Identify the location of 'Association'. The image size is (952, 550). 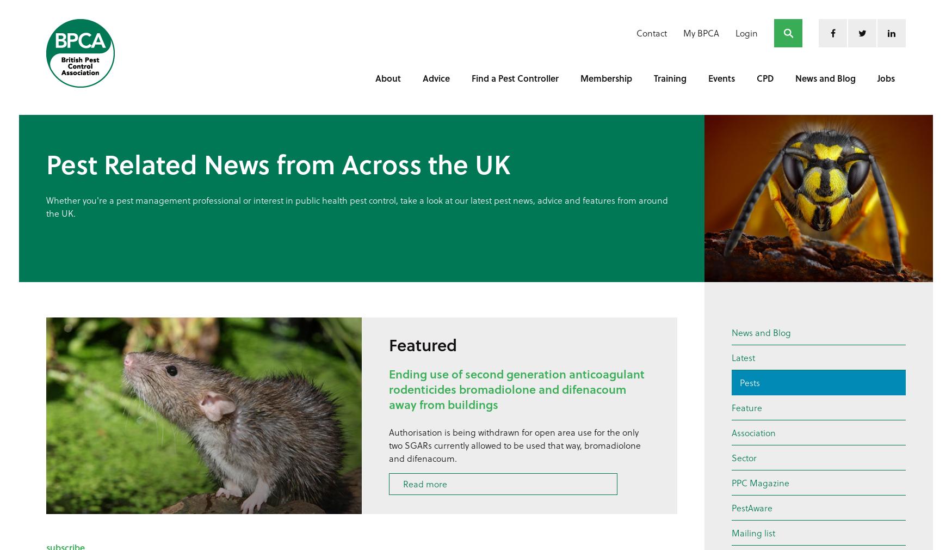
(753, 432).